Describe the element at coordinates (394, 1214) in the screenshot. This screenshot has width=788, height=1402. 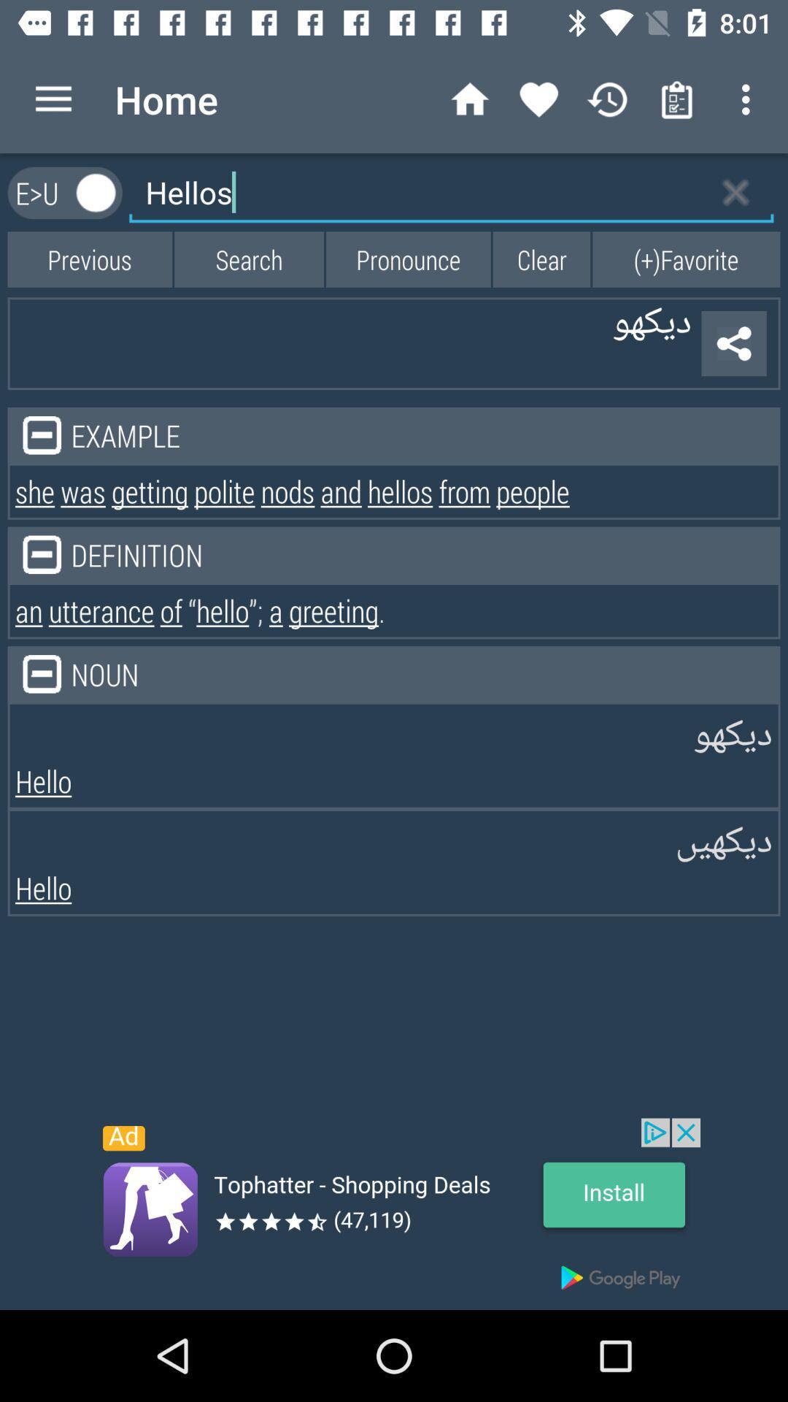
I see `install the option` at that location.